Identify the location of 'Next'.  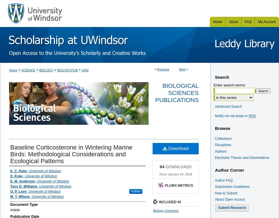
(179, 69).